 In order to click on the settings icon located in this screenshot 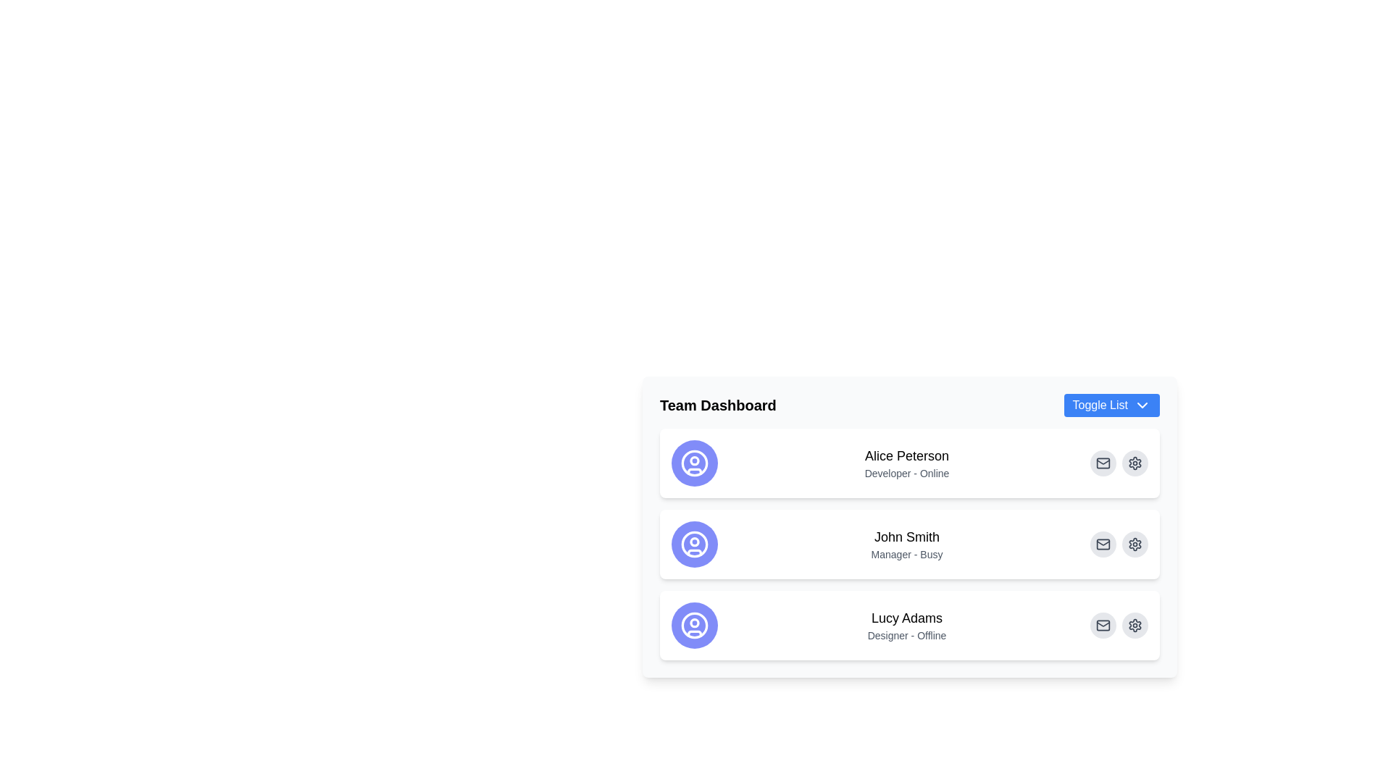, I will do `click(1134, 625)`.